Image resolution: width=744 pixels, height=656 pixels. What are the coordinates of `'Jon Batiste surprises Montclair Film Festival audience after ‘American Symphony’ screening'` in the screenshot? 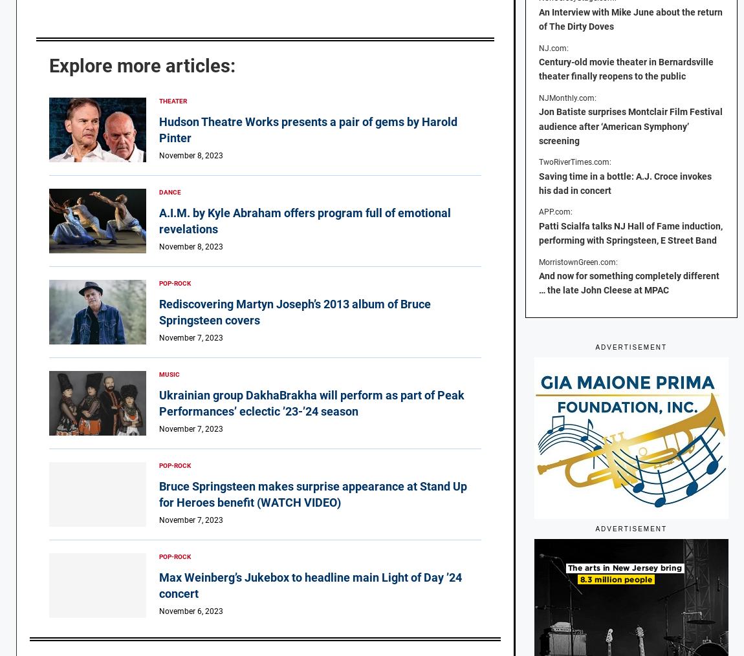 It's located at (630, 125).